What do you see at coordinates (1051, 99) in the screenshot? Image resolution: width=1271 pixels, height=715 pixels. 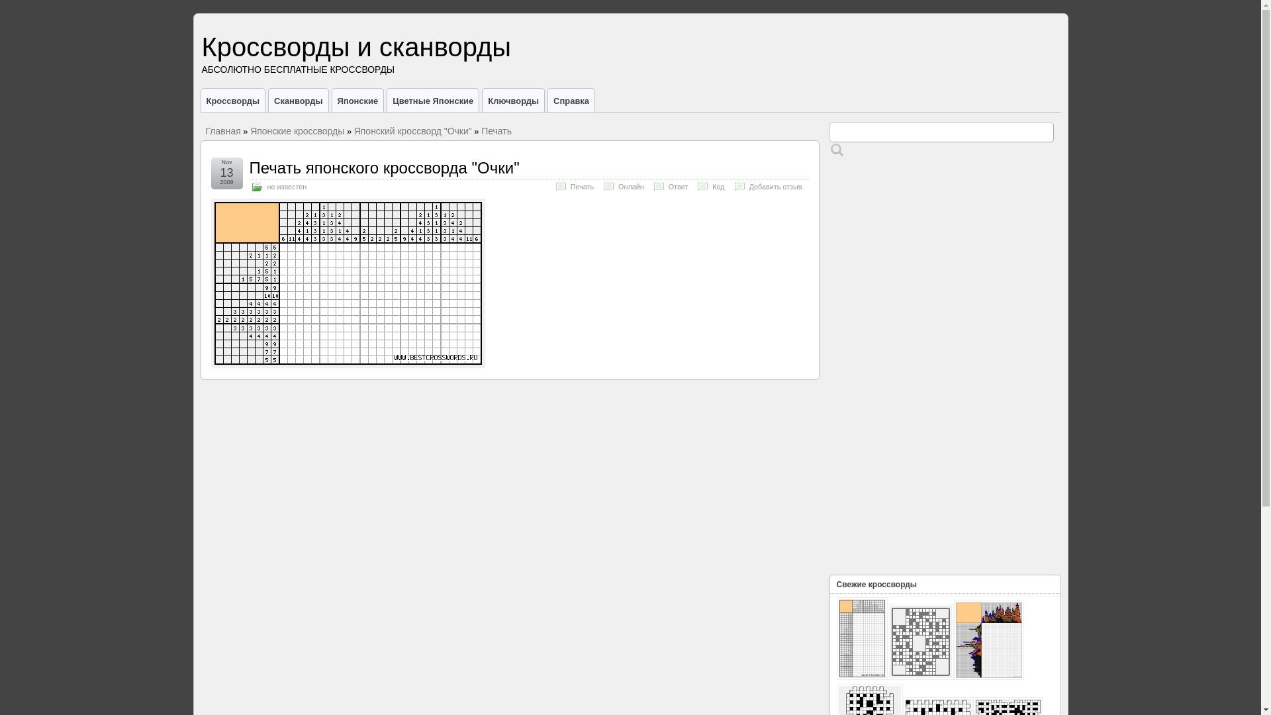 I see `'Google Plus'` at bounding box center [1051, 99].